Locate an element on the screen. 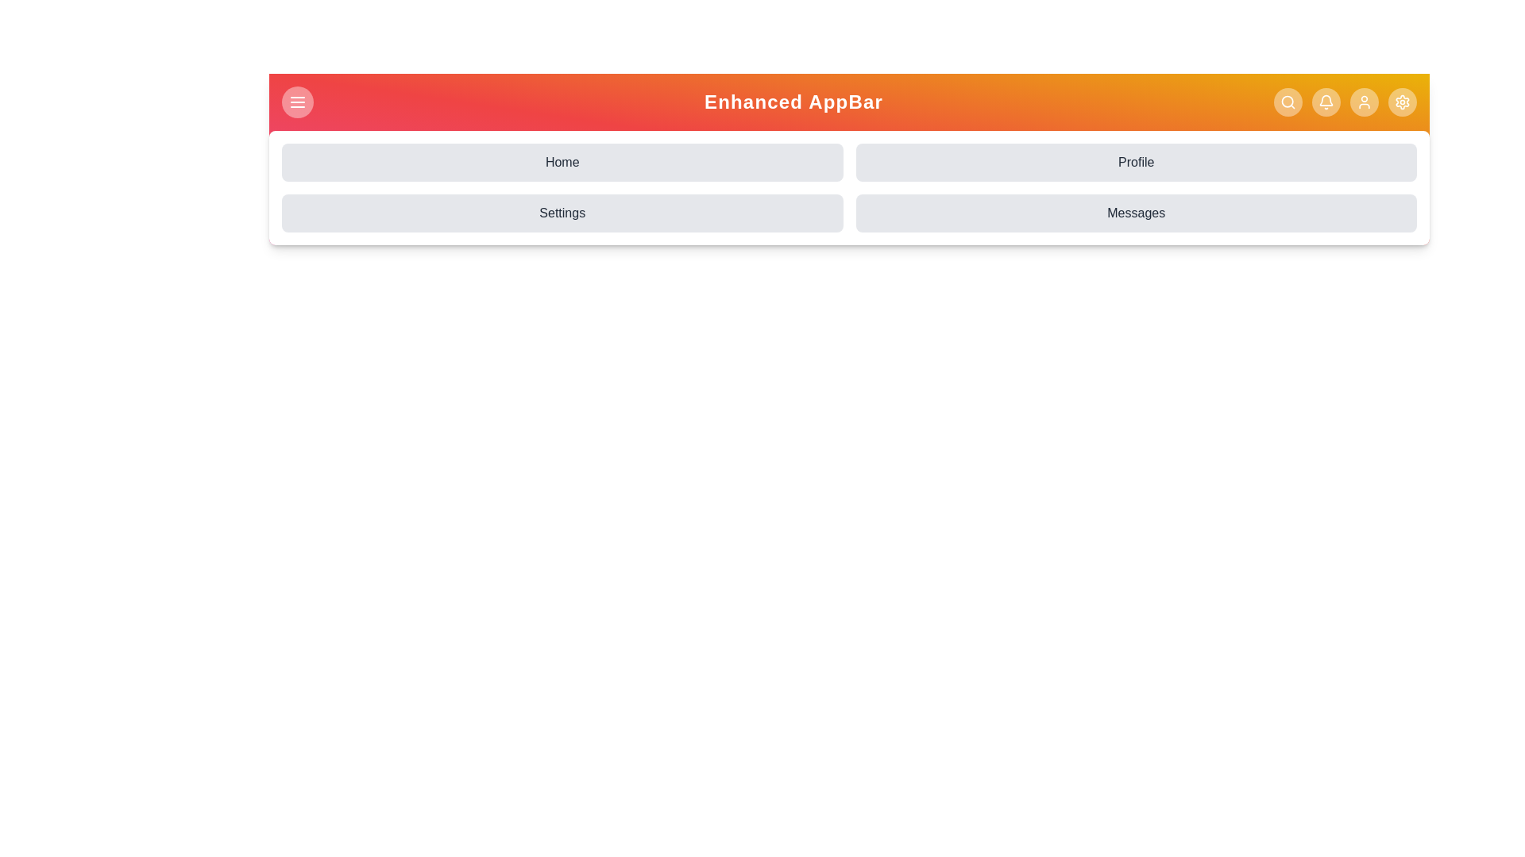 The width and height of the screenshot is (1525, 857). notification button in the StylishHeader component is located at coordinates (1326, 102).